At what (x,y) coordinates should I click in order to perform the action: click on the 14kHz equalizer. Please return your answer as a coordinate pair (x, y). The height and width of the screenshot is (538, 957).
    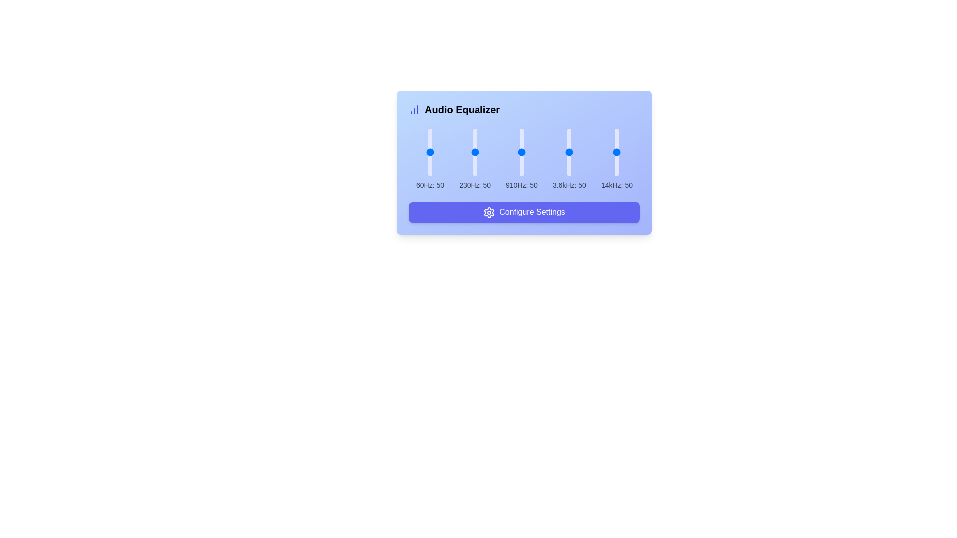
    Looking at the image, I should click on (616, 166).